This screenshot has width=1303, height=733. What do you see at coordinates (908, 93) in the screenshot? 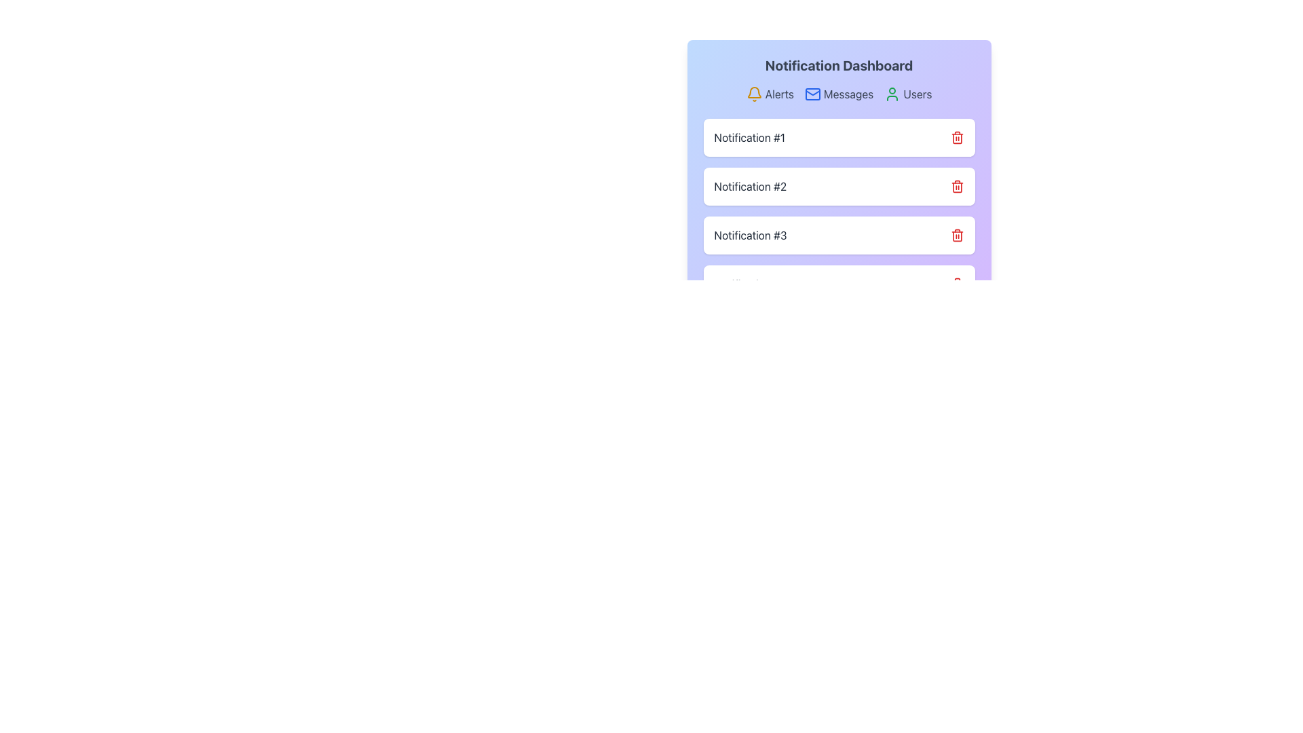
I see `the Navigation Label displaying 'Users' located at the rightmost position in the notification dashboard header area` at bounding box center [908, 93].